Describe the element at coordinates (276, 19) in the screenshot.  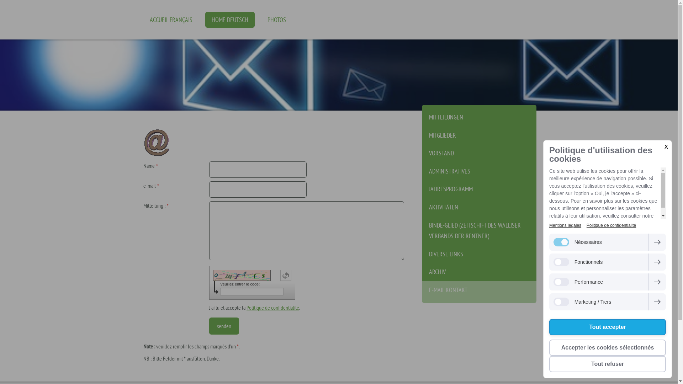
I see `'PHOTOS'` at that location.